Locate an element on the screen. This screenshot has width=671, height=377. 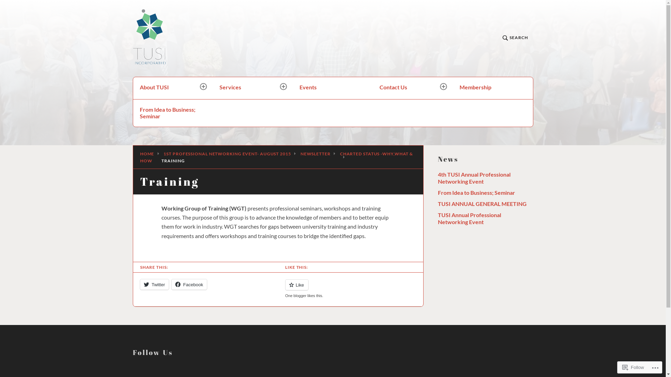
'4th TUSI Annual Professional Networking Event' is located at coordinates (437, 177).